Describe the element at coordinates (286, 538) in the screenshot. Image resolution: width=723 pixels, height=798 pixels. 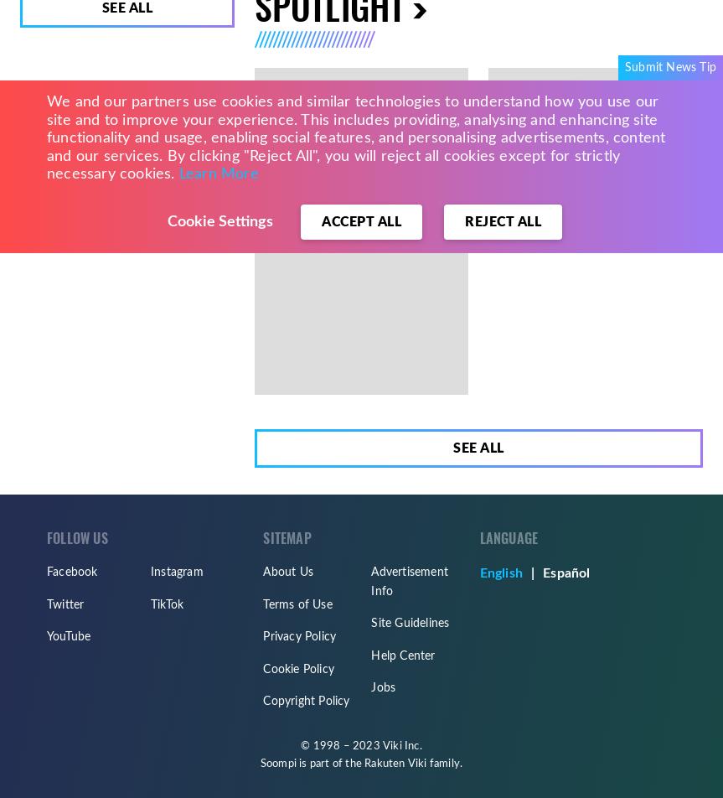
I see `'Sitemap'` at that location.